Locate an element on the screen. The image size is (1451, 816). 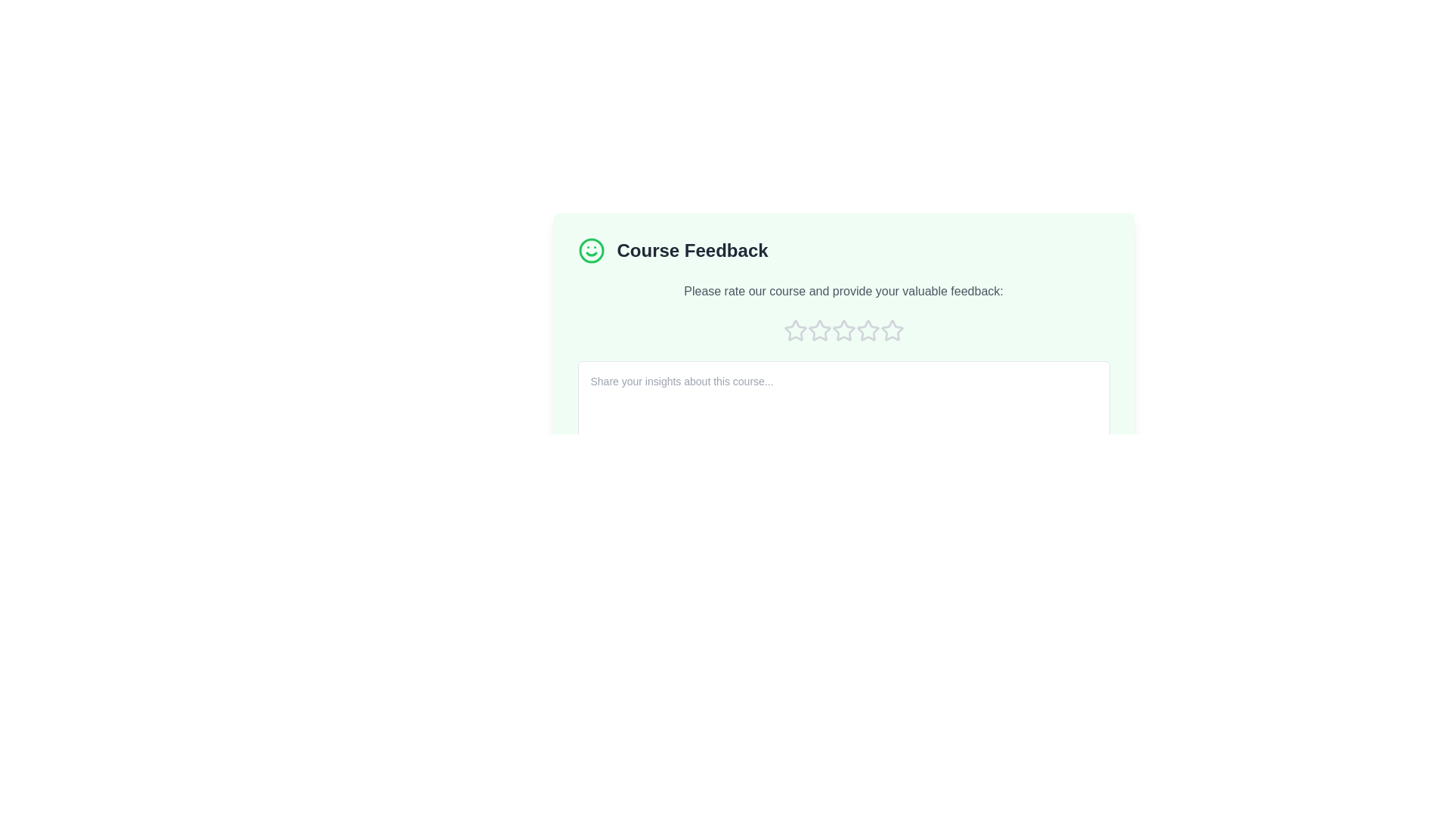
the fifth star icon in the rating system is located at coordinates (892, 329).